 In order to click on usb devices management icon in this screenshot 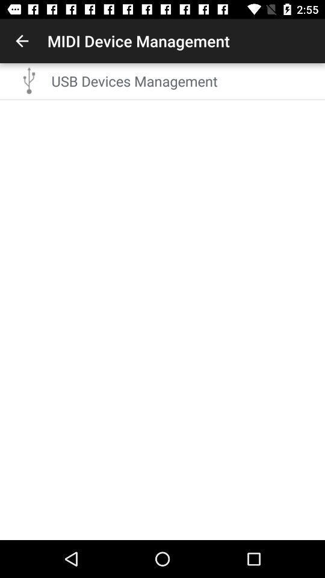, I will do `click(184, 80)`.